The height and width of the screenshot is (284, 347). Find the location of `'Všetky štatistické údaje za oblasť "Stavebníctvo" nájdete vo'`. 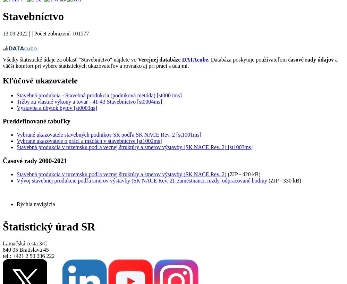

'Všetky štatistické údaje za oblasť "Stavebníctvo" nájdete vo' is located at coordinates (70, 59).